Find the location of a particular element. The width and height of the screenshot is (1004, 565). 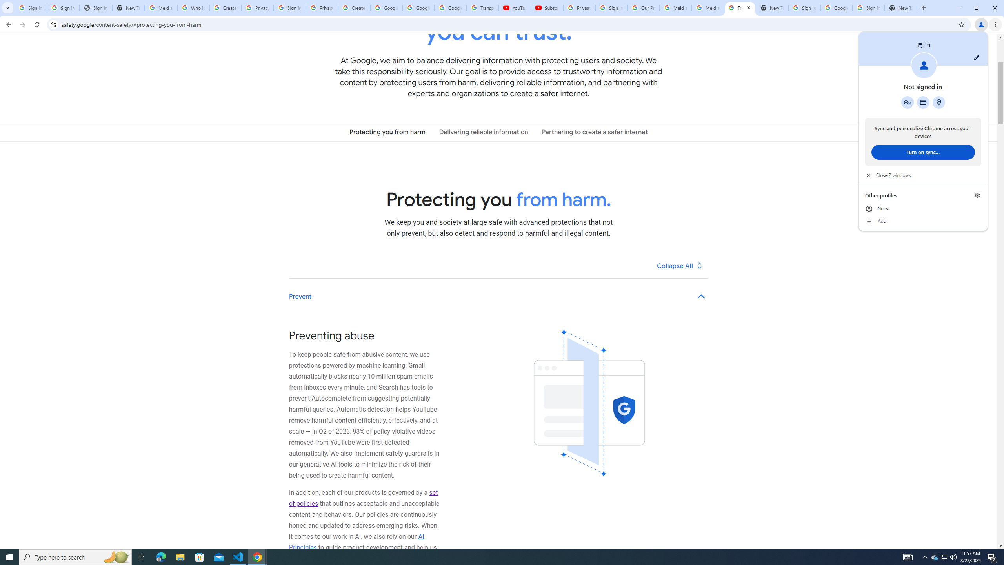

'Add' is located at coordinates (922, 221).